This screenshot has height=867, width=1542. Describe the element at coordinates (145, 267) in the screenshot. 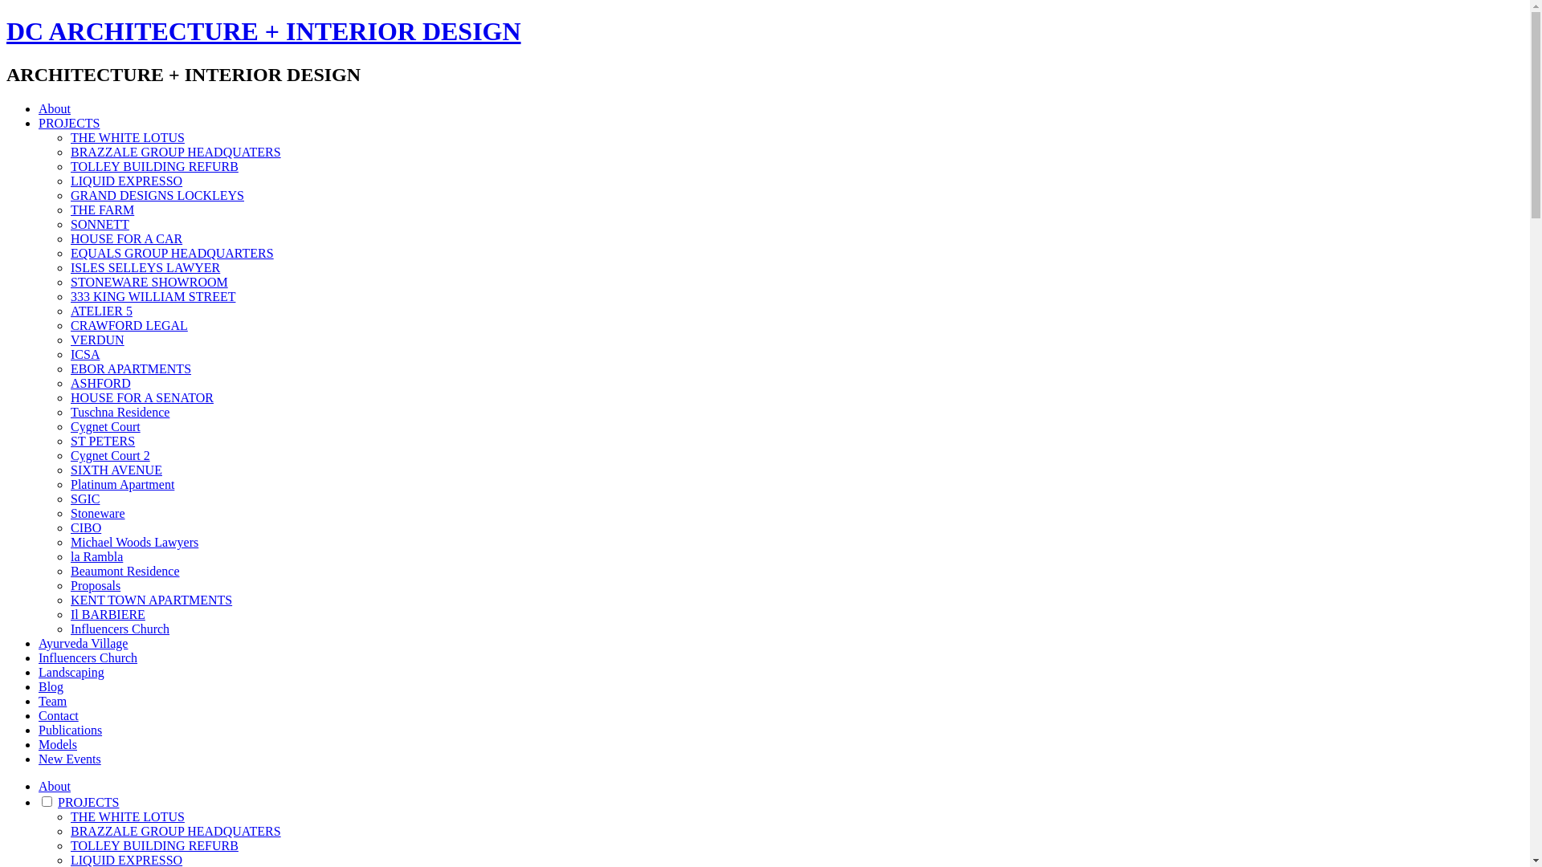

I see `'ISLES SELLEYS LAWYER'` at that location.